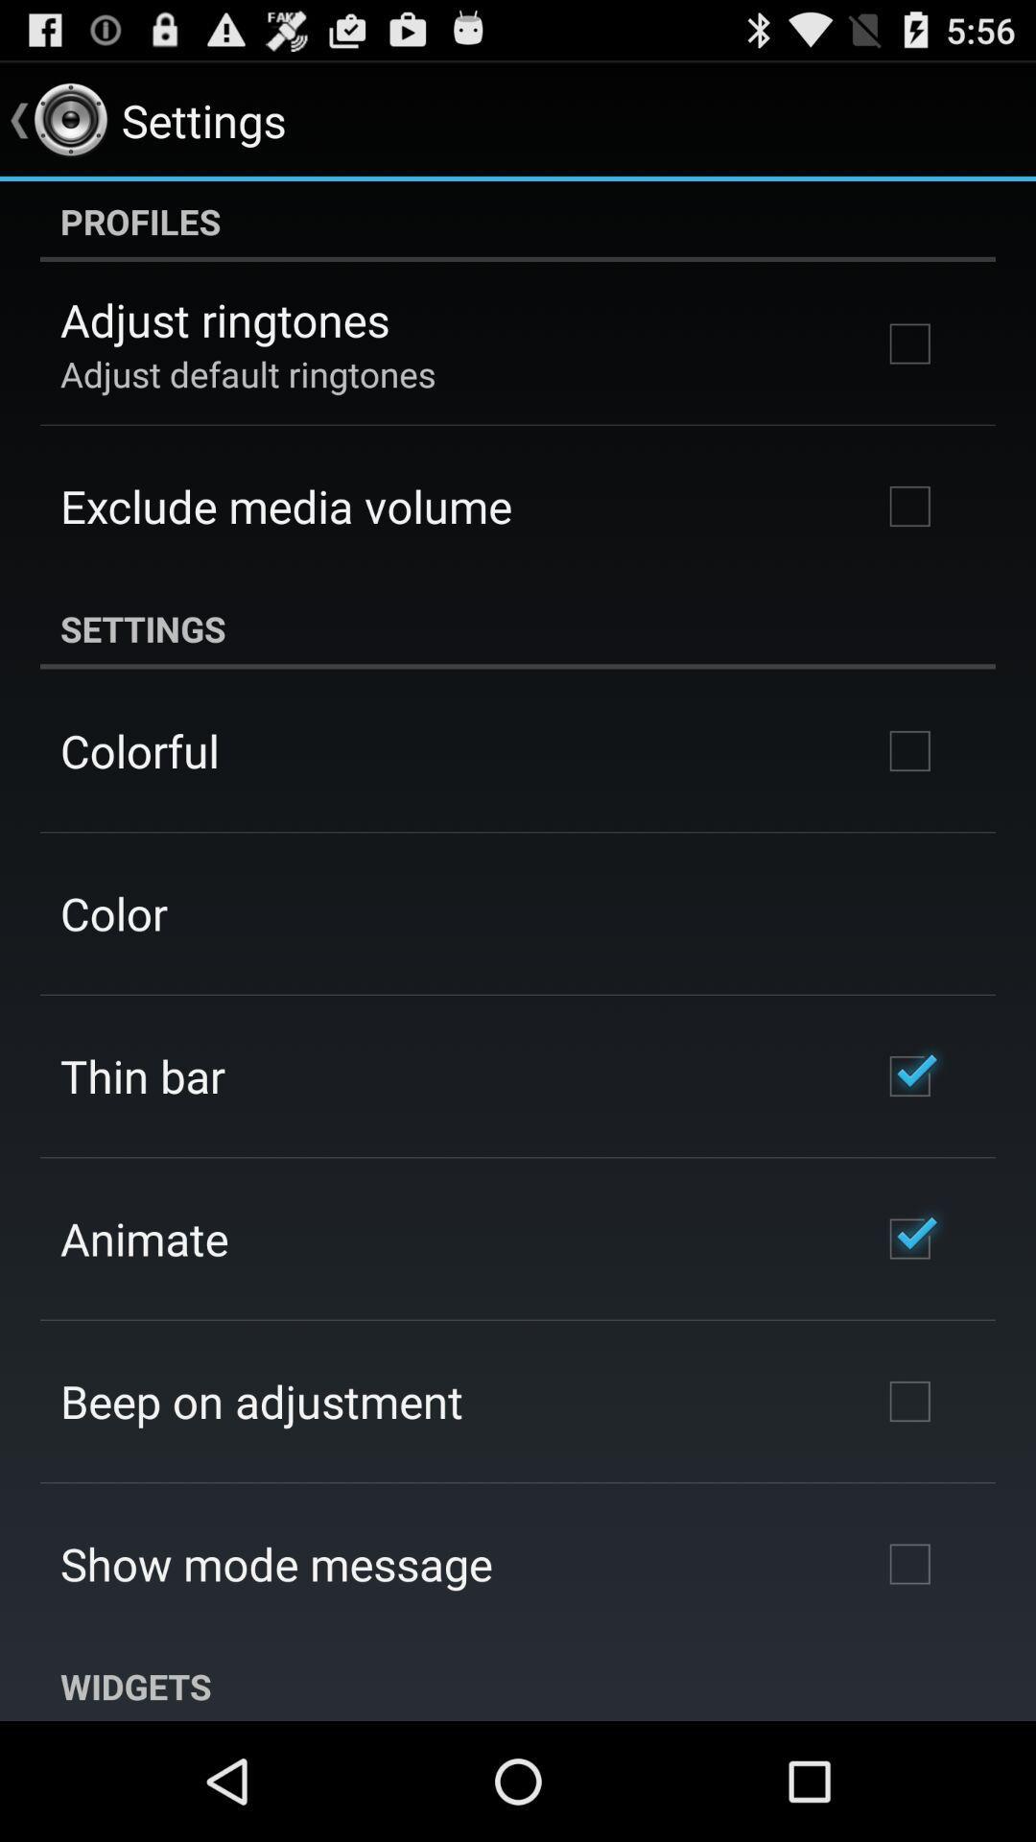 This screenshot has width=1036, height=1842. What do you see at coordinates (141, 1075) in the screenshot?
I see `icon above the animate` at bounding box center [141, 1075].